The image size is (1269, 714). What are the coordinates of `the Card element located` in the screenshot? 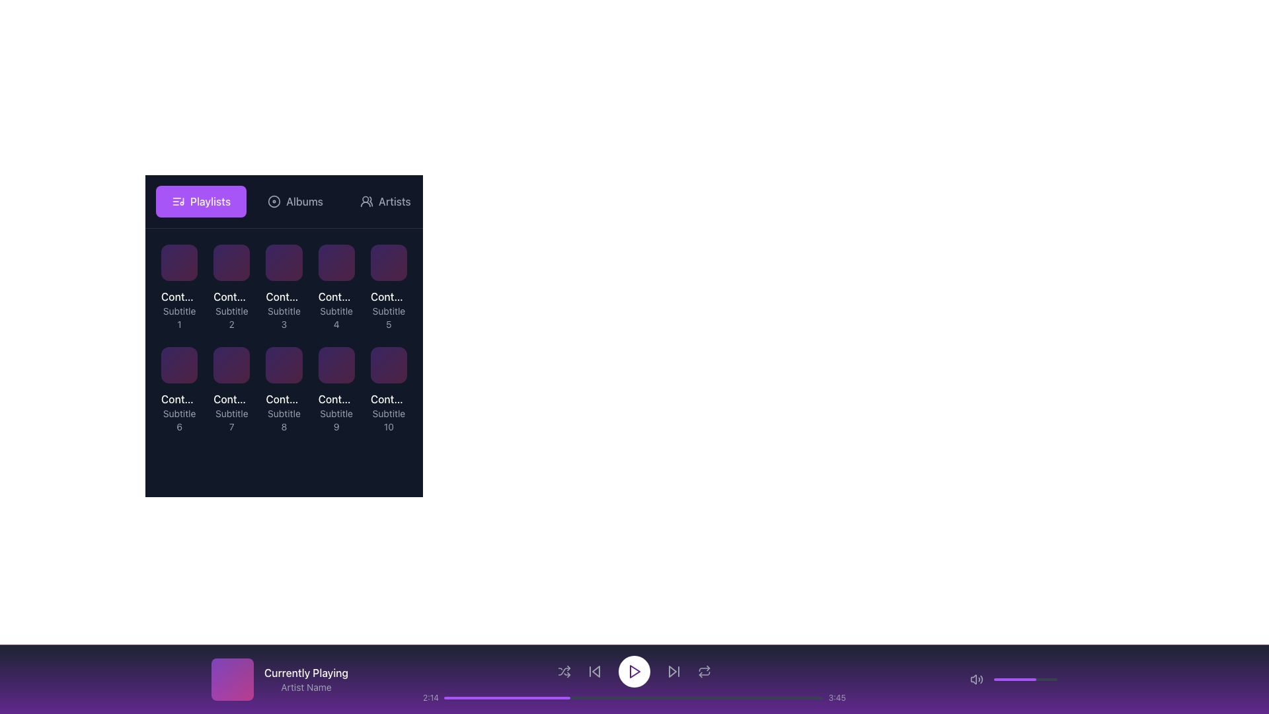 It's located at (231, 389).